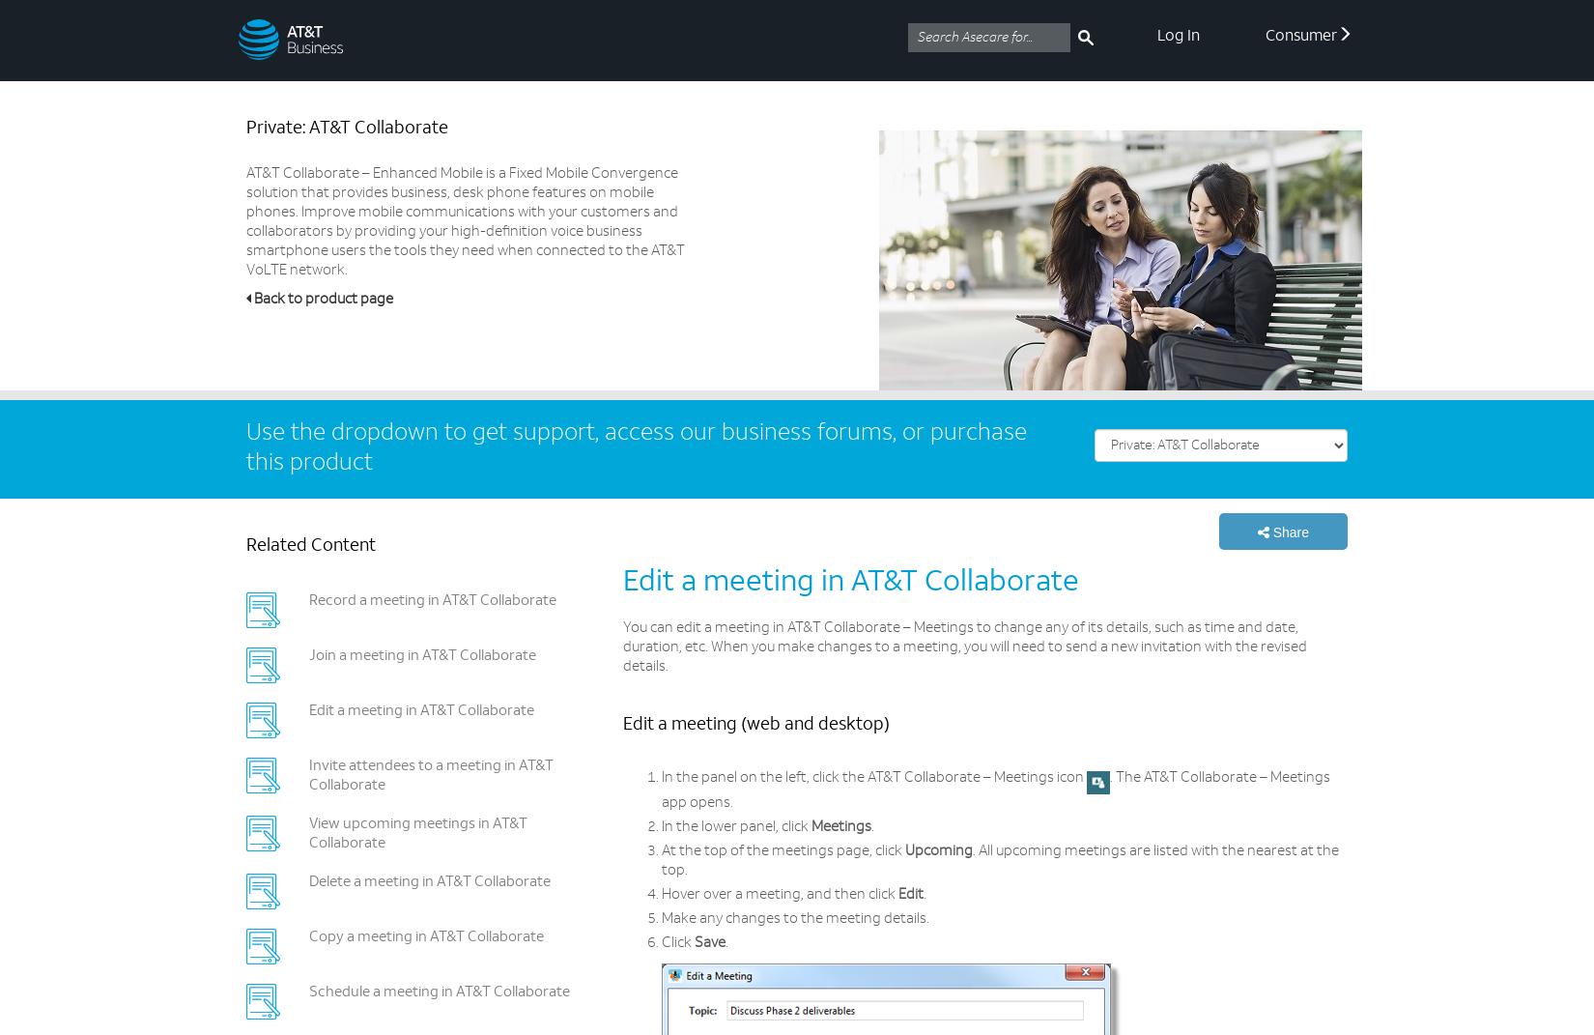 This screenshot has width=1594, height=1035. What do you see at coordinates (438, 992) in the screenshot?
I see `'Schedule a meeting in AT&T Collaborate'` at bounding box center [438, 992].